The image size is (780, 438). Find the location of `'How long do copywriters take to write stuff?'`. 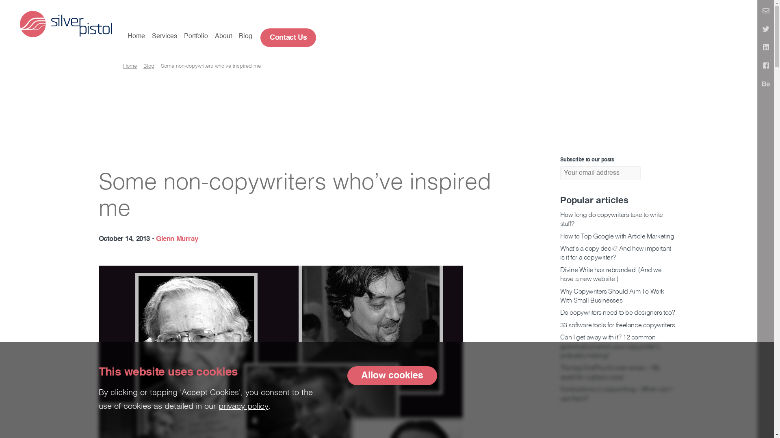

'How long do copywriters take to write stuff?' is located at coordinates (611, 220).